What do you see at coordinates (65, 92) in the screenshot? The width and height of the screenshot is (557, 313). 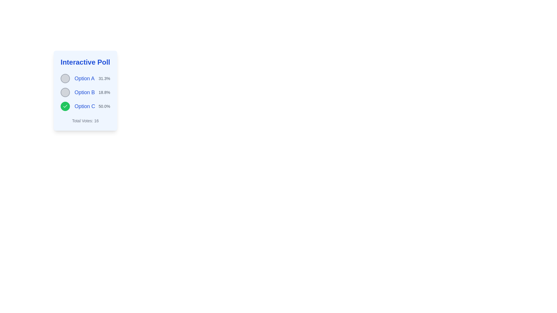 I see `the radio button with a circular shape and a gray background, located to the left of the text label 'Option B'` at bounding box center [65, 92].